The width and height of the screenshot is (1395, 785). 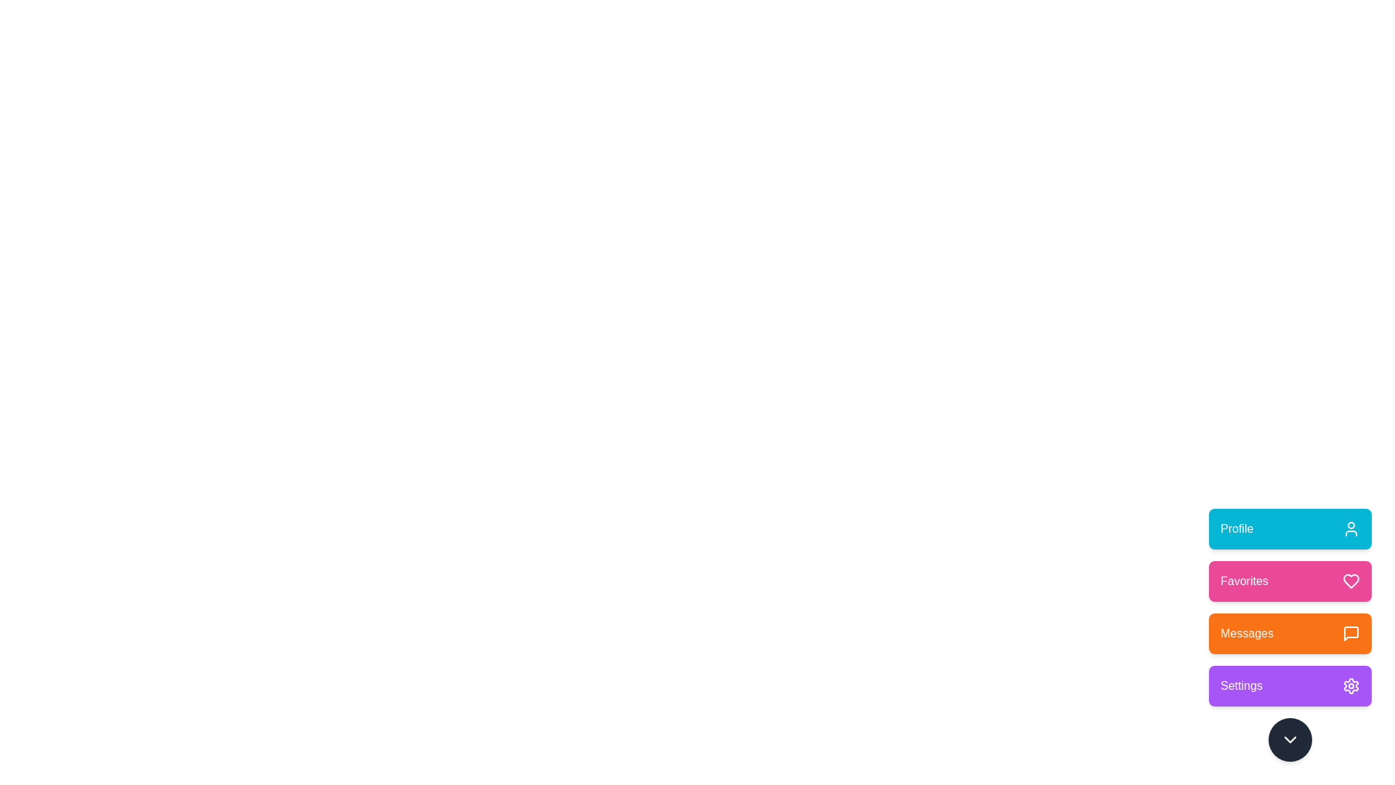 I want to click on the Profile button to observe its hover effect, so click(x=1290, y=529).